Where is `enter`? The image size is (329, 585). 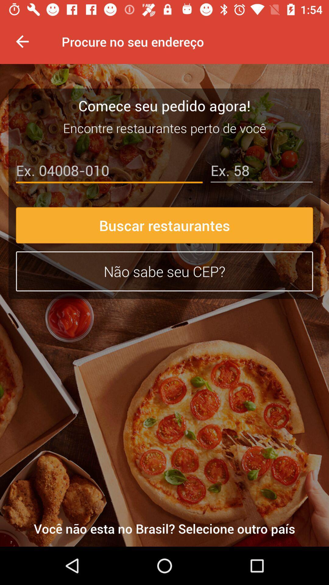 enter is located at coordinates (109, 172).